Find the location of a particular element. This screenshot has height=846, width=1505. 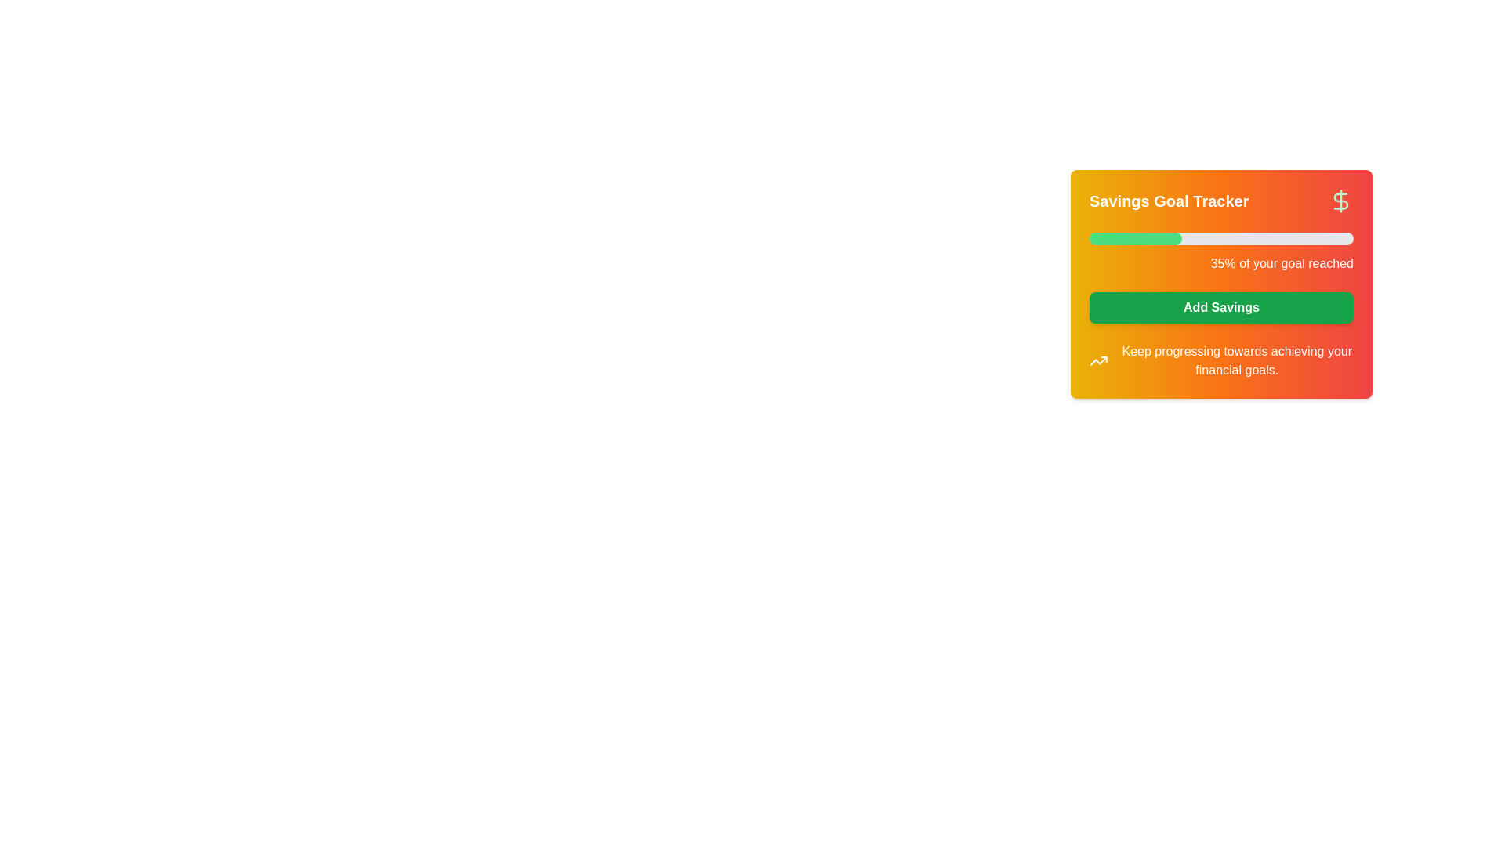

the informative text element that reads 'Keep progressing towards achieving your financial goals.' with an upward trend icon, located at the bottom of the 'Savings Goal Tracker' card is located at coordinates (1220, 361).